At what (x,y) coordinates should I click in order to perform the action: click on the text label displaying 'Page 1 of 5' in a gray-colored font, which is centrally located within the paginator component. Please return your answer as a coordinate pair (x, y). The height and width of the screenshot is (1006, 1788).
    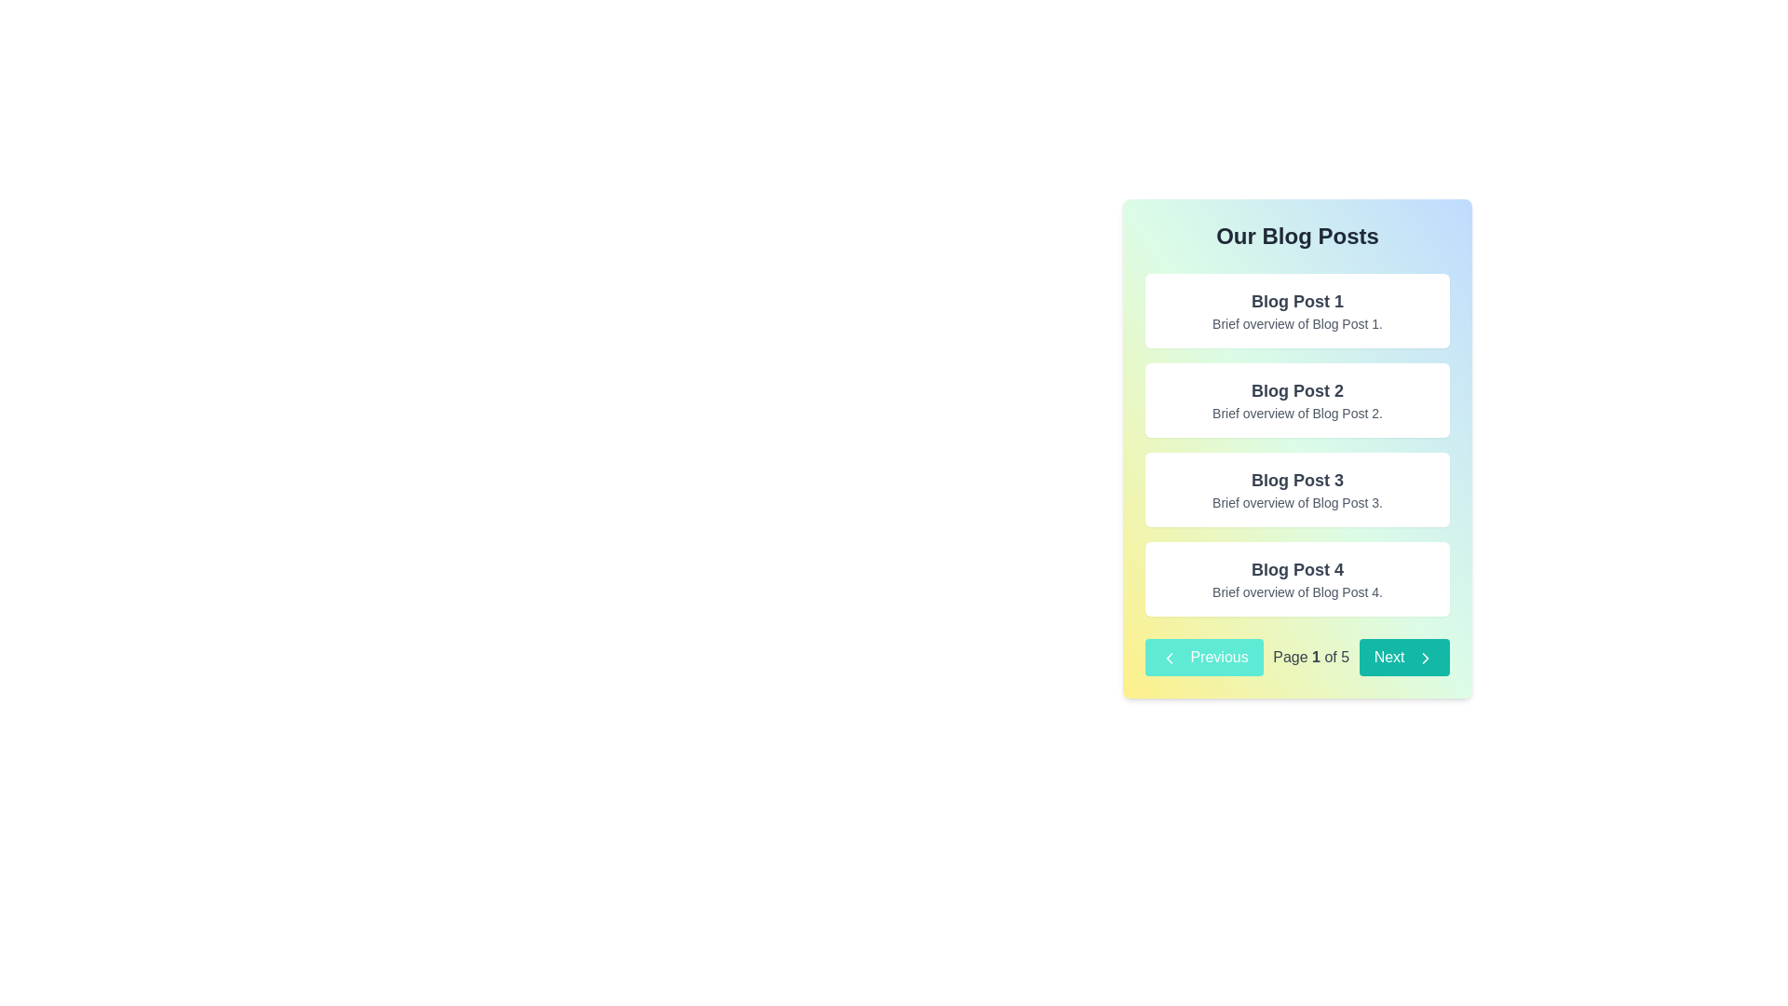
    Looking at the image, I should click on (1310, 656).